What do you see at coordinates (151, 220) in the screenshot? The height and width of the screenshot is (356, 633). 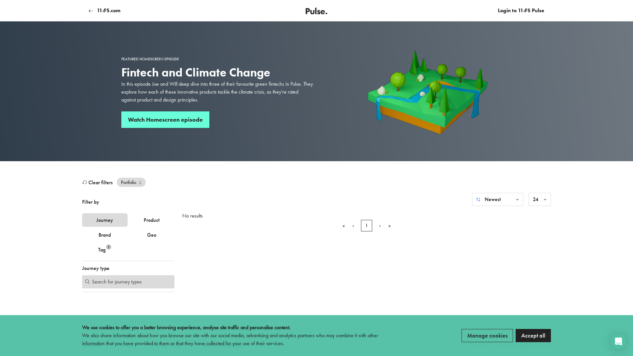 I see `'Product'` at bounding box center [151, 220].